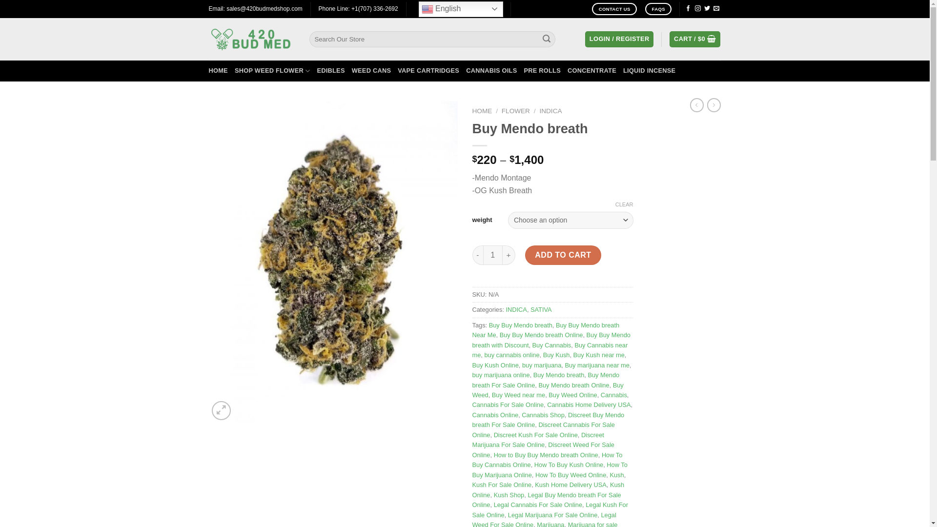 The height and width of the screenshot is (527, 937). I want to click on 'Follow on Instagram', so click(697, 9).